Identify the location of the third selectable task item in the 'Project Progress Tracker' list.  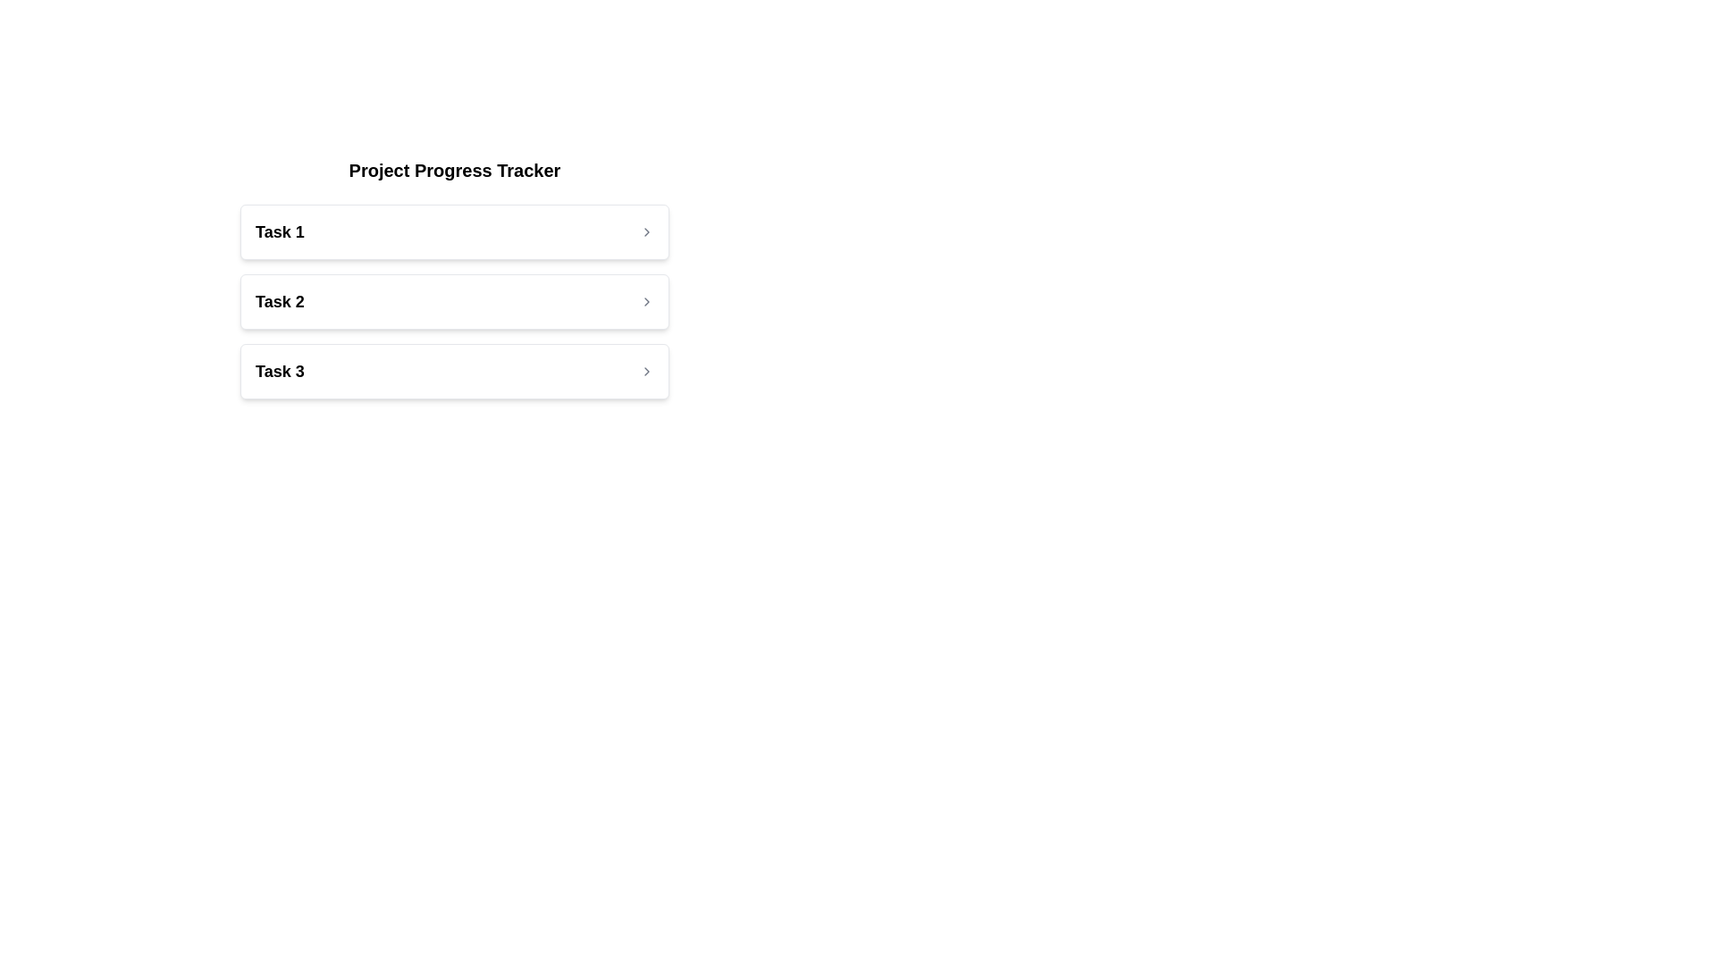
(454, 371).